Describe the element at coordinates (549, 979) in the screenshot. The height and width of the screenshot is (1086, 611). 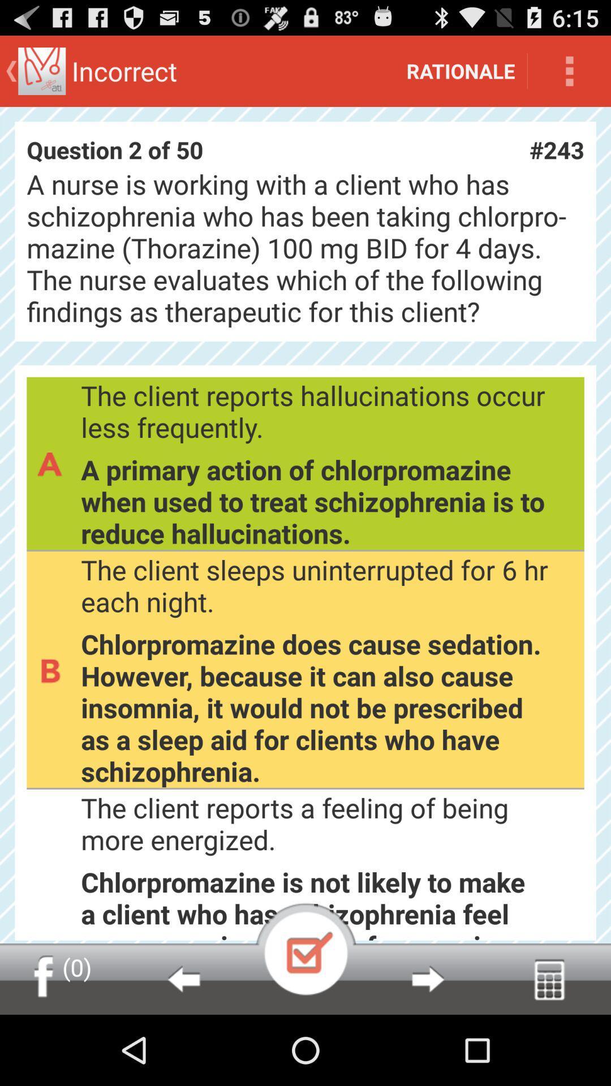
I see `pull up dial pad` at that location.